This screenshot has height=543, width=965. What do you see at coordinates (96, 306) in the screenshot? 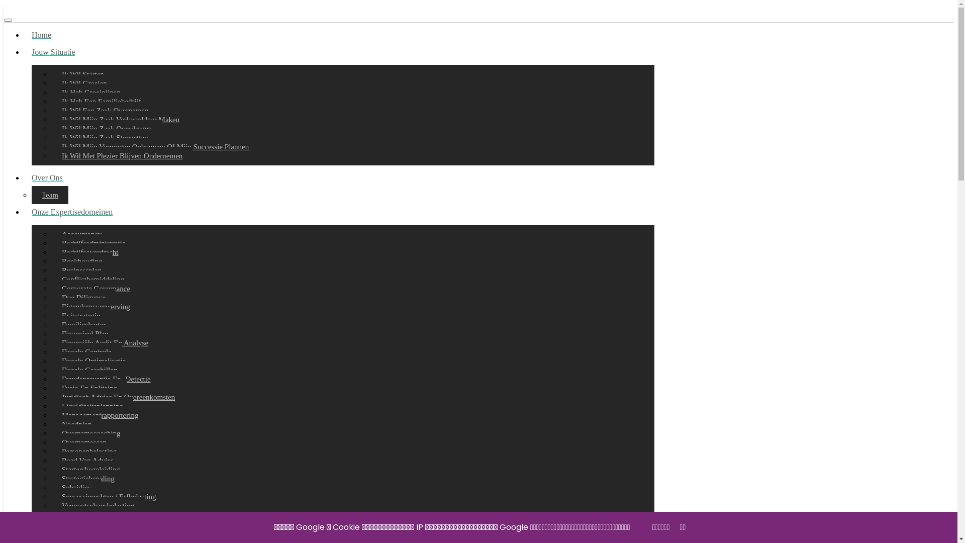
I see `'Eigendomsverwerving'` at bounding box center [96, 306].